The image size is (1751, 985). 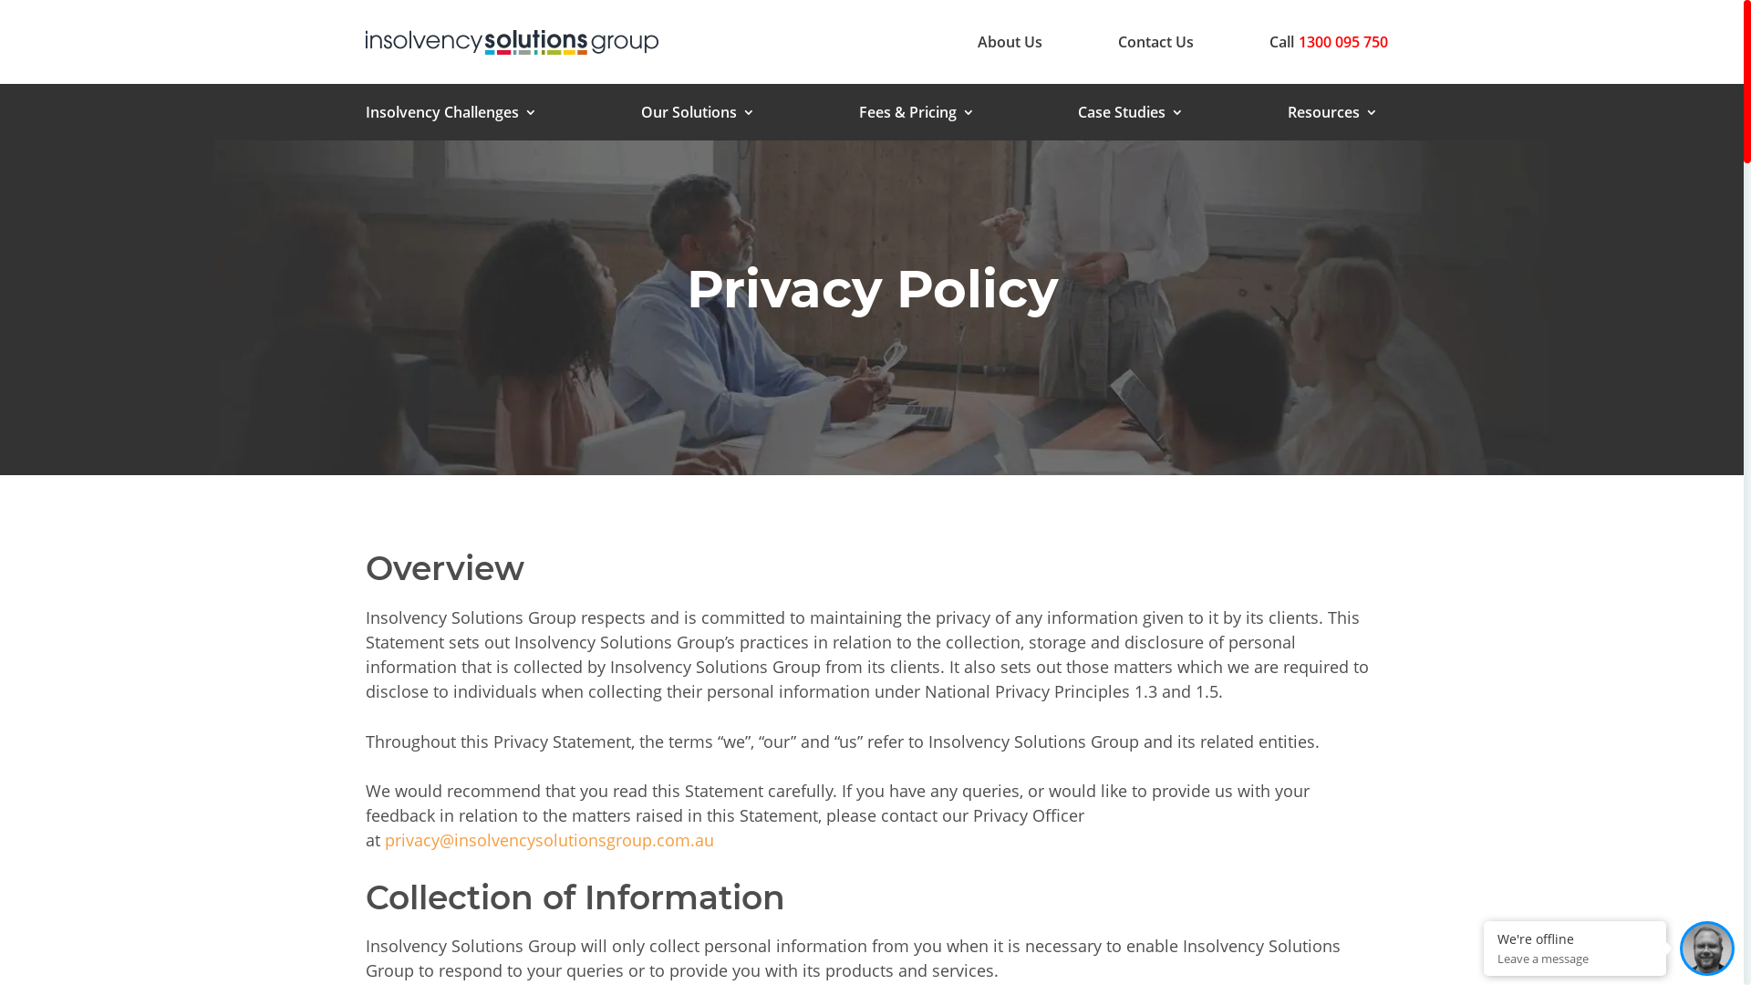 I want to click on 'Resources', so click(x=1332, y=116).